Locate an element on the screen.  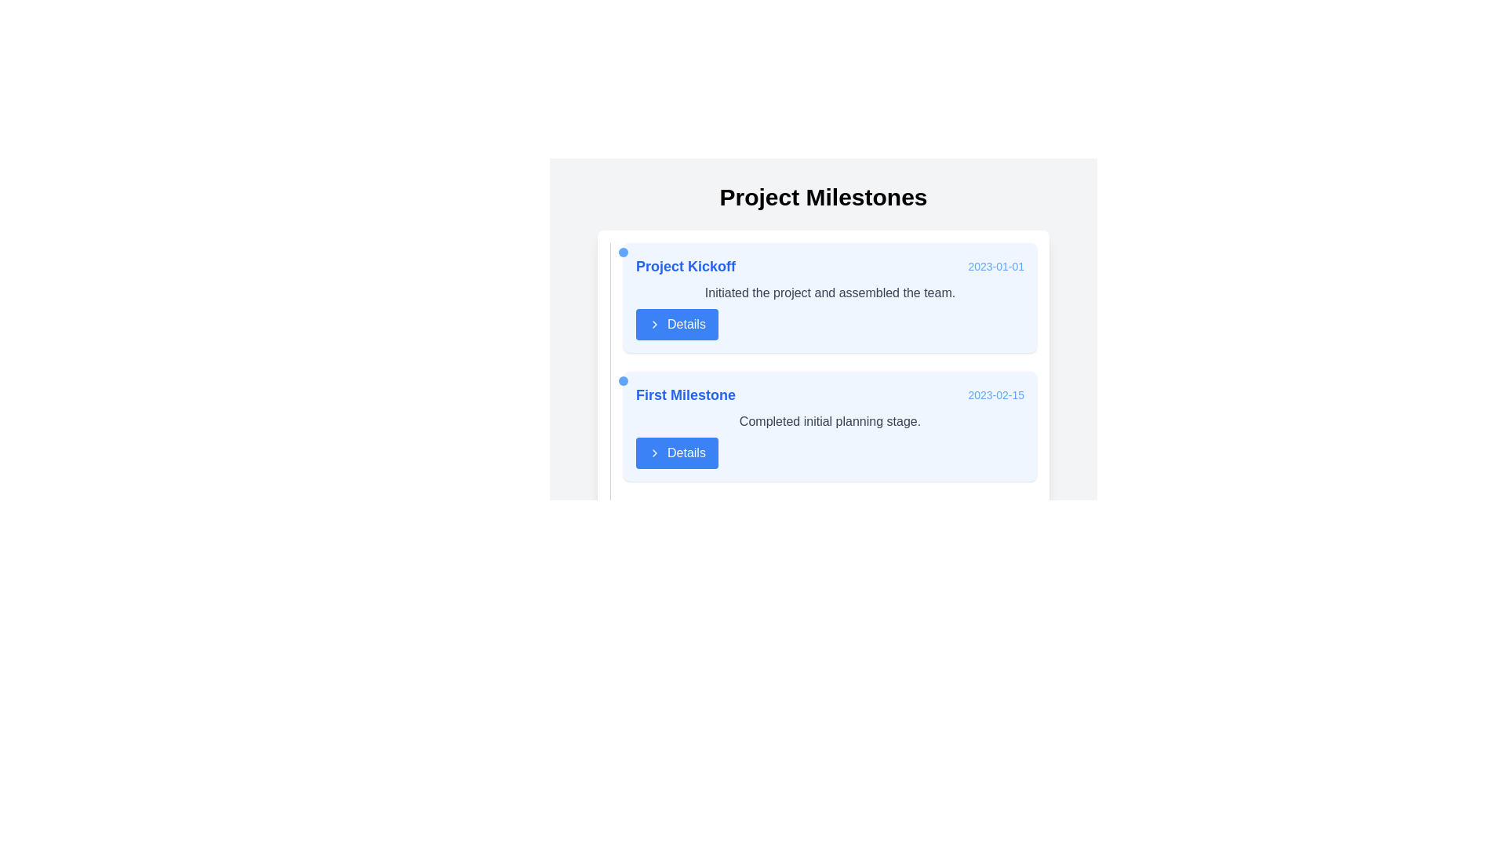
the chevron icon located within the 'Details' button, which is aligned centrally below the 'Project Kickoff' milestone is located at coordinates (655, 323).